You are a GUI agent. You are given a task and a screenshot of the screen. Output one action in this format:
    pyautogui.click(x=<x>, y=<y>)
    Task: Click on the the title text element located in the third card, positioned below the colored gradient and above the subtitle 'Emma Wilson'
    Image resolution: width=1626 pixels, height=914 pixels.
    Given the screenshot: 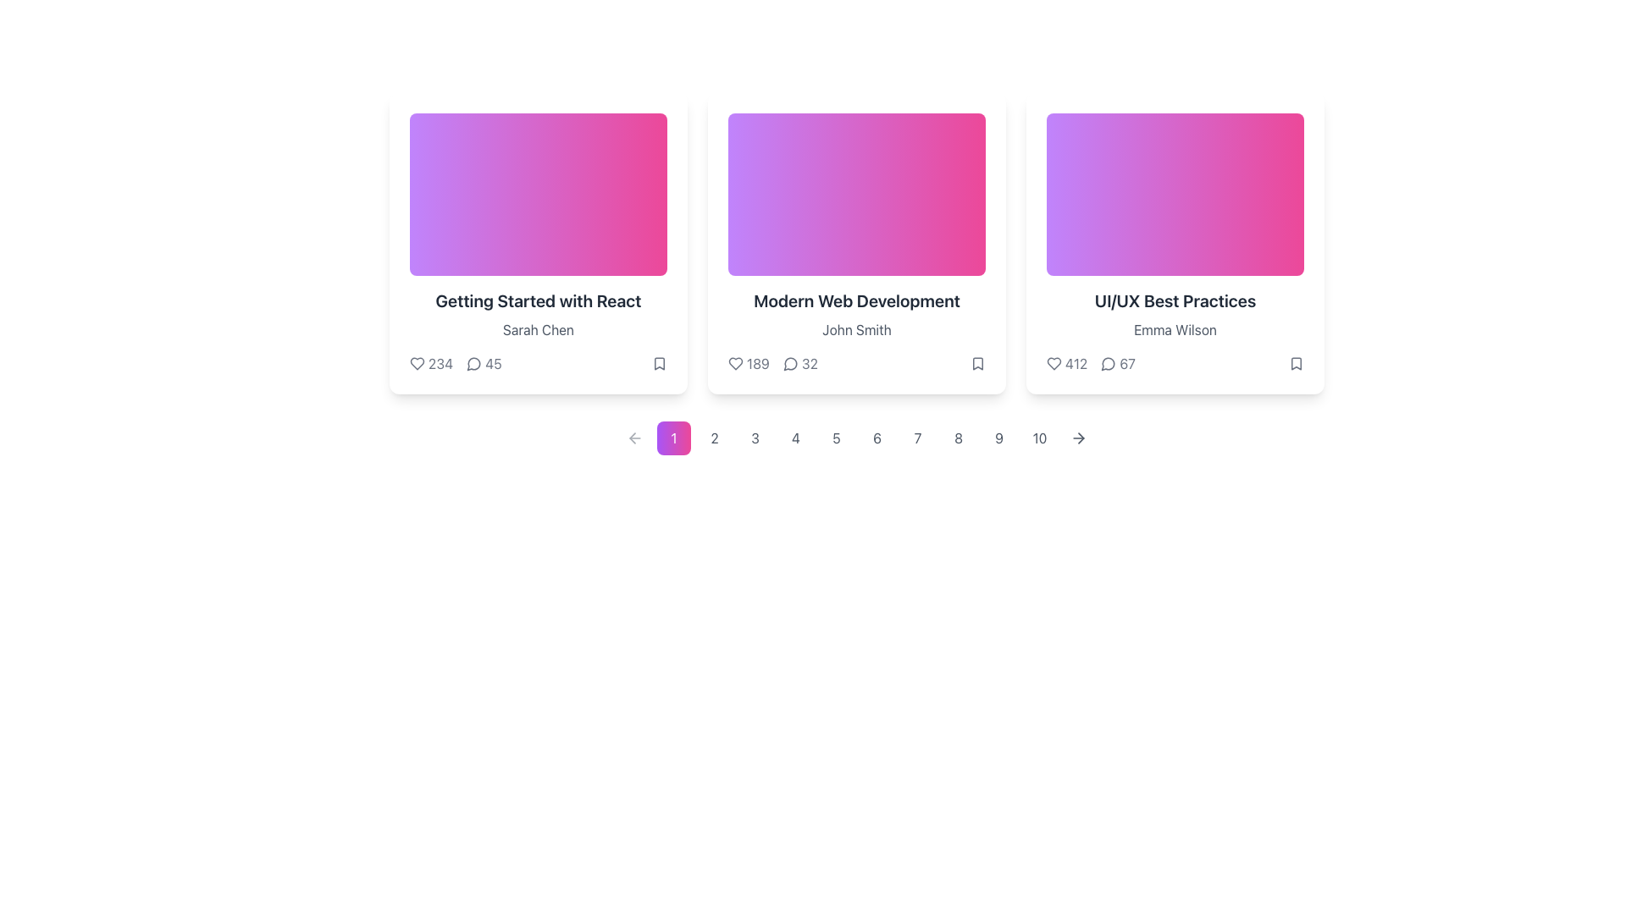 What is the action you would take?
    pyautogui.click(x=1174, y=300)
    